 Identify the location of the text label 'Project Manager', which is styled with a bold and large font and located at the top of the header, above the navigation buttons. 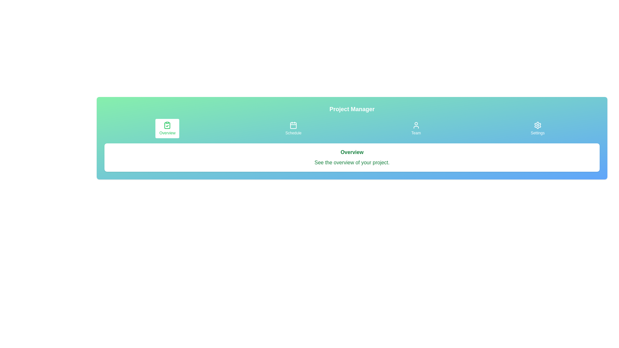
(351, 109).